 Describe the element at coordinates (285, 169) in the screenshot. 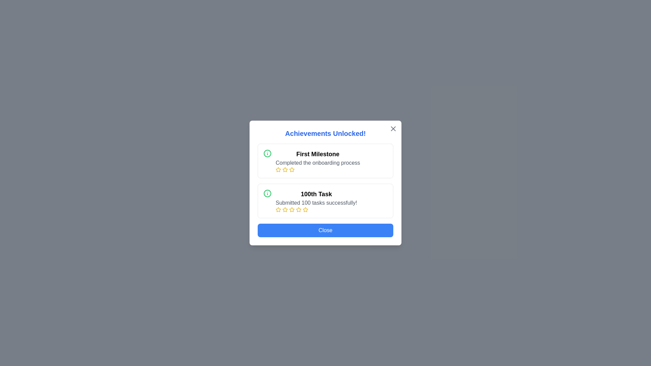

I see `the second star icon in the group of three stars below the 'First Milestone' text in the modal dialog box` at that location.